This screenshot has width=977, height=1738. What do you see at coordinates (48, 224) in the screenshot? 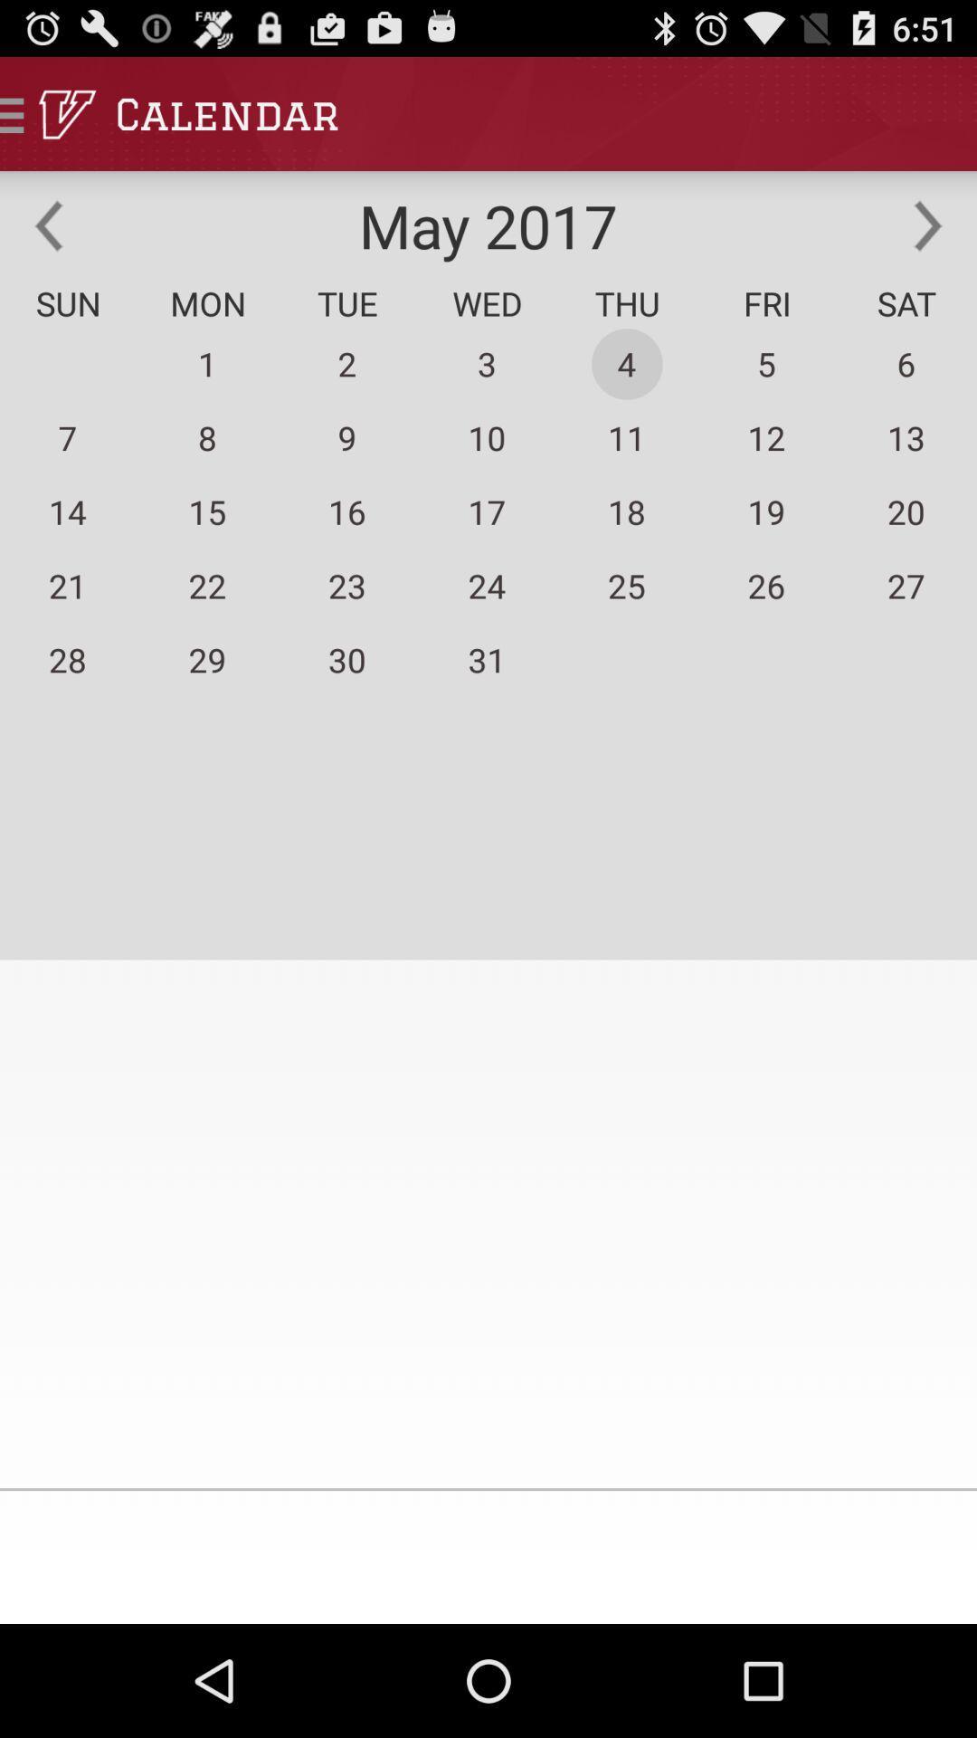
I see `previous month` at bounding box center [48, 224].